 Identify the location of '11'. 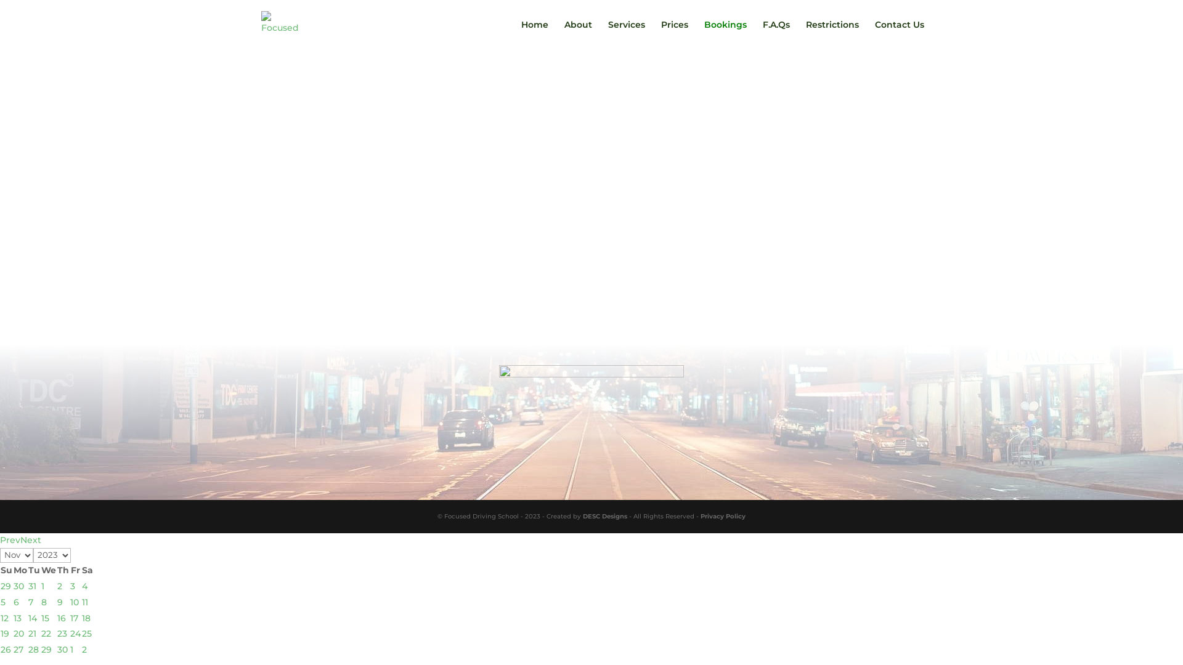
(81, 602).